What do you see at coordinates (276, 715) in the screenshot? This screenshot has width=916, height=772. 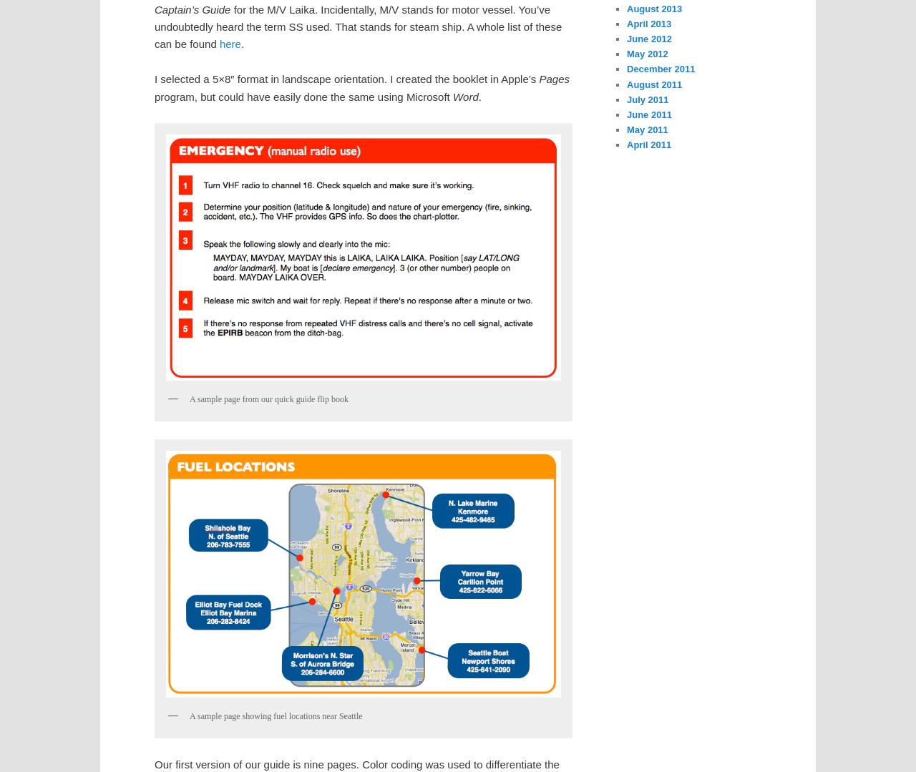 I see `'A sample page showing fuel locations near Seattle'` at bounding box center [276, 715].